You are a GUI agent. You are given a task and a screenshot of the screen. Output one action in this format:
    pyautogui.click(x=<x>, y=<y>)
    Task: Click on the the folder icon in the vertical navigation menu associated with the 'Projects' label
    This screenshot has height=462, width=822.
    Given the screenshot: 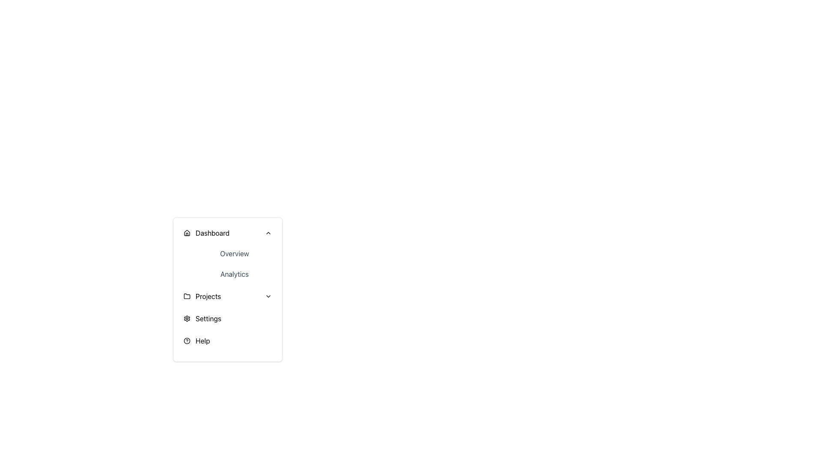 What is the action you would take?
    pyautogui.click(x=186, y=295)
    